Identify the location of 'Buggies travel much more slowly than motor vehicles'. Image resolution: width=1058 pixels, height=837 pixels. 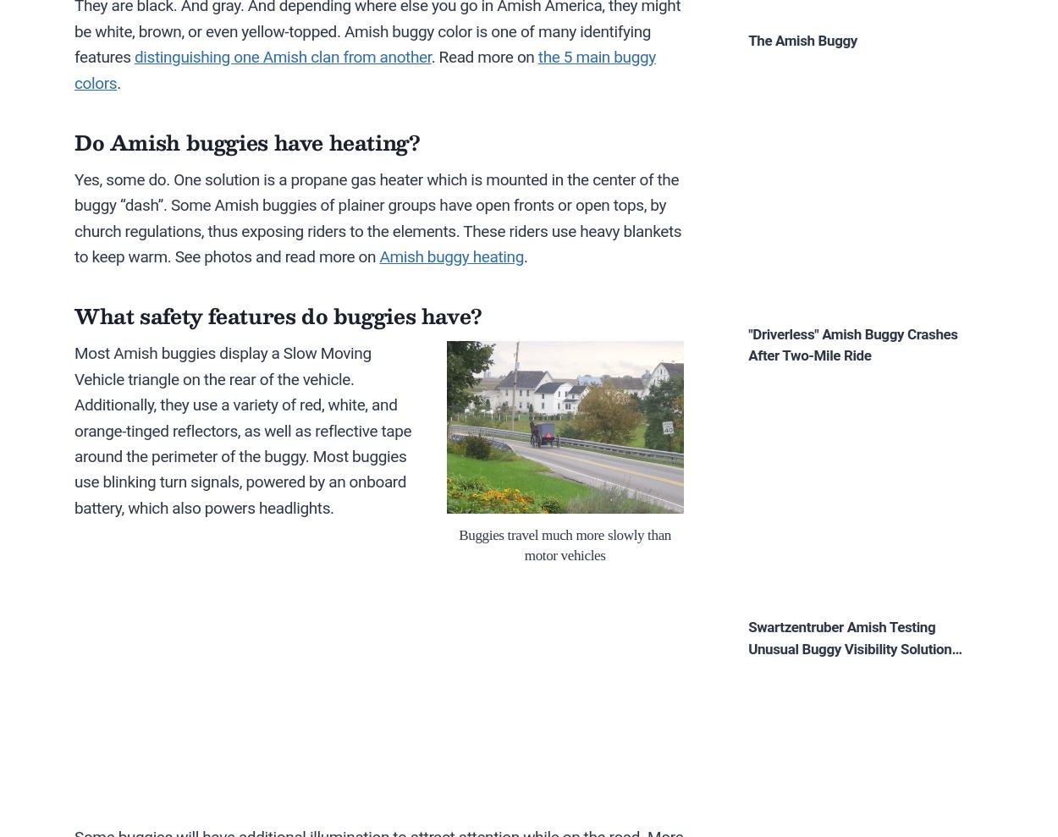
(565, 545).